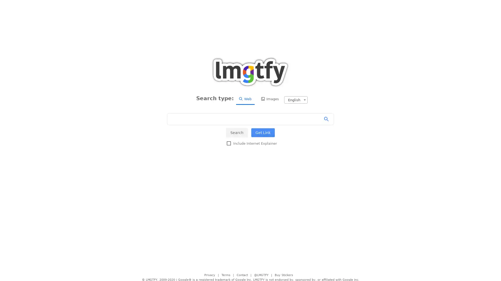 Image resolution: width=501 pixels, height=281 pixels. What do you see at coordinates (236, 132) in the screenshot?
I see `Search` at bounding box center [236, 132].